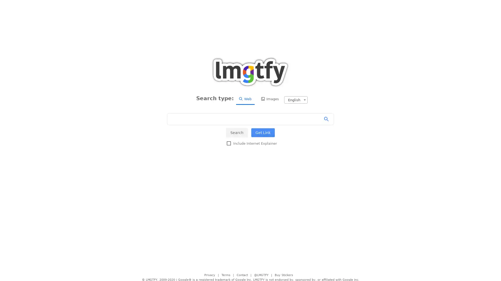 Image resolution: width=501 pixels, height=281 pixels. What do you see at coordinates (236, 132) in the screenshot?
I see `Search` at bounding box center [236, 132].